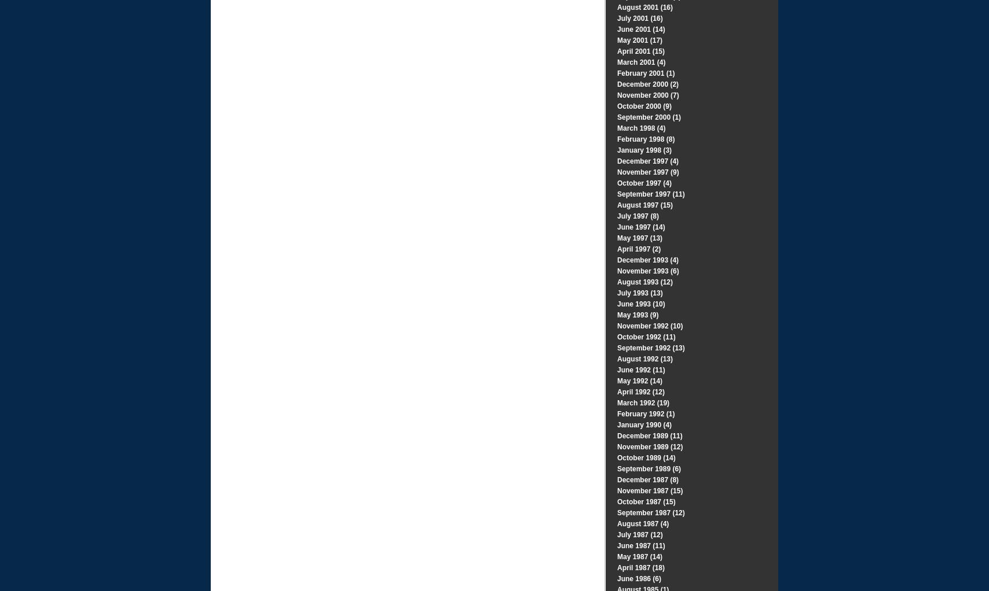 The height and width of the screenshot is (591, 989). Describe the element at coordinates (617, 293) in the screenshot. I see `'July 1993 (13)'` at that location.